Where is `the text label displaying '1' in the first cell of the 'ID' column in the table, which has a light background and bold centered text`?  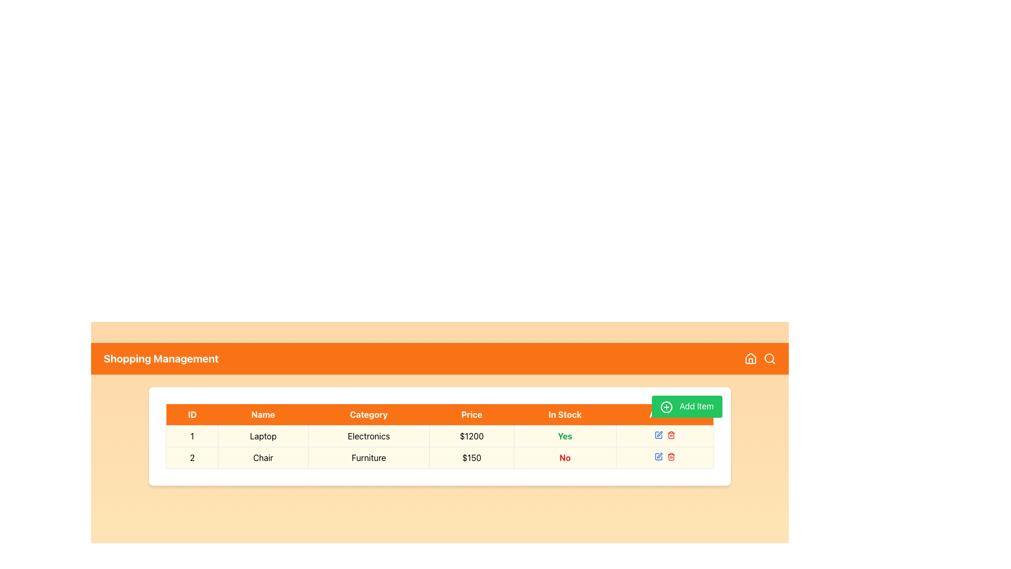
the text label displaying '1' in the first cell of the 'ID' column in the table, which has a light background and bold centered text is located at coordinates (192, 436).